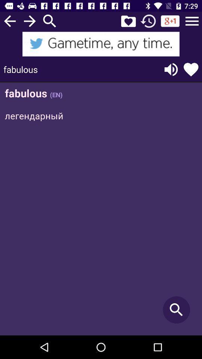  I want to click on the history icon, so click(148, 21).